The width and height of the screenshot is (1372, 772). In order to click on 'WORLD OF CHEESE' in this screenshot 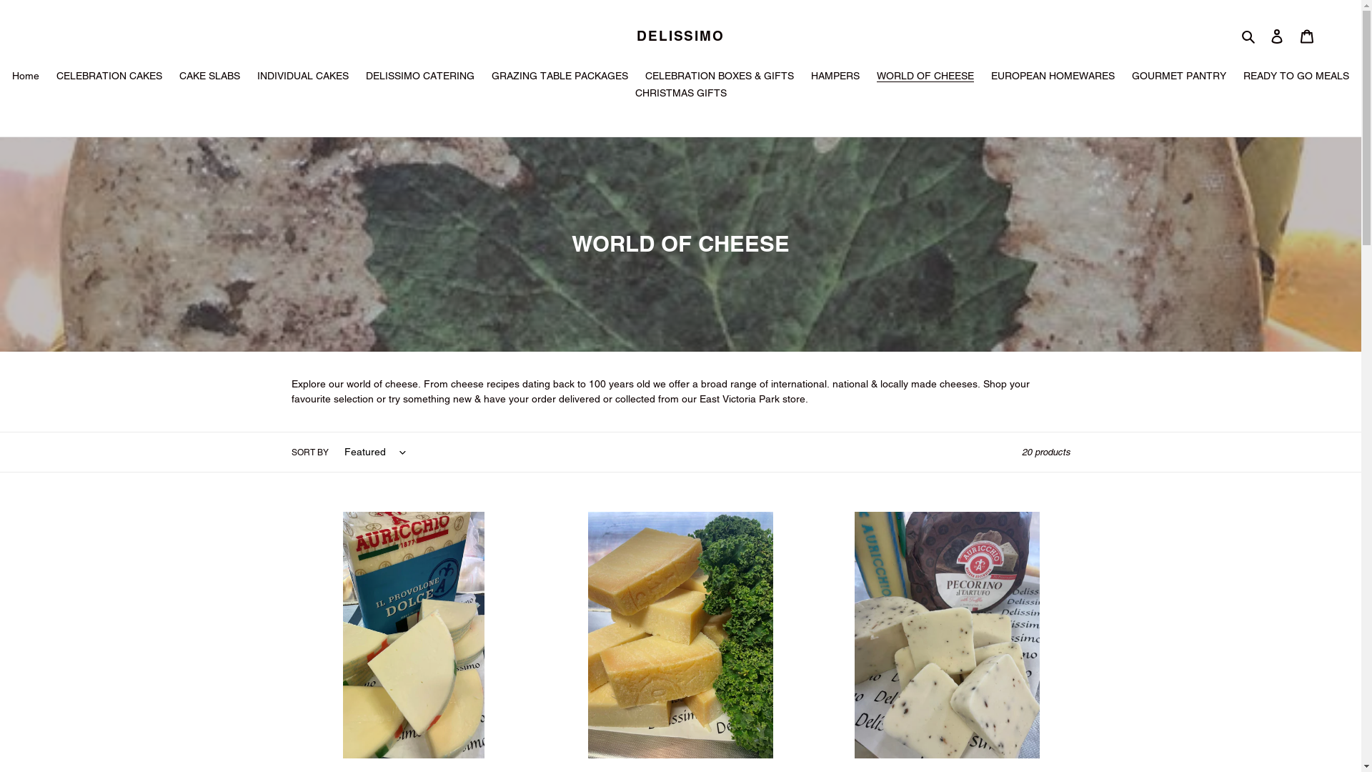, I will do `click(925, 77)`.